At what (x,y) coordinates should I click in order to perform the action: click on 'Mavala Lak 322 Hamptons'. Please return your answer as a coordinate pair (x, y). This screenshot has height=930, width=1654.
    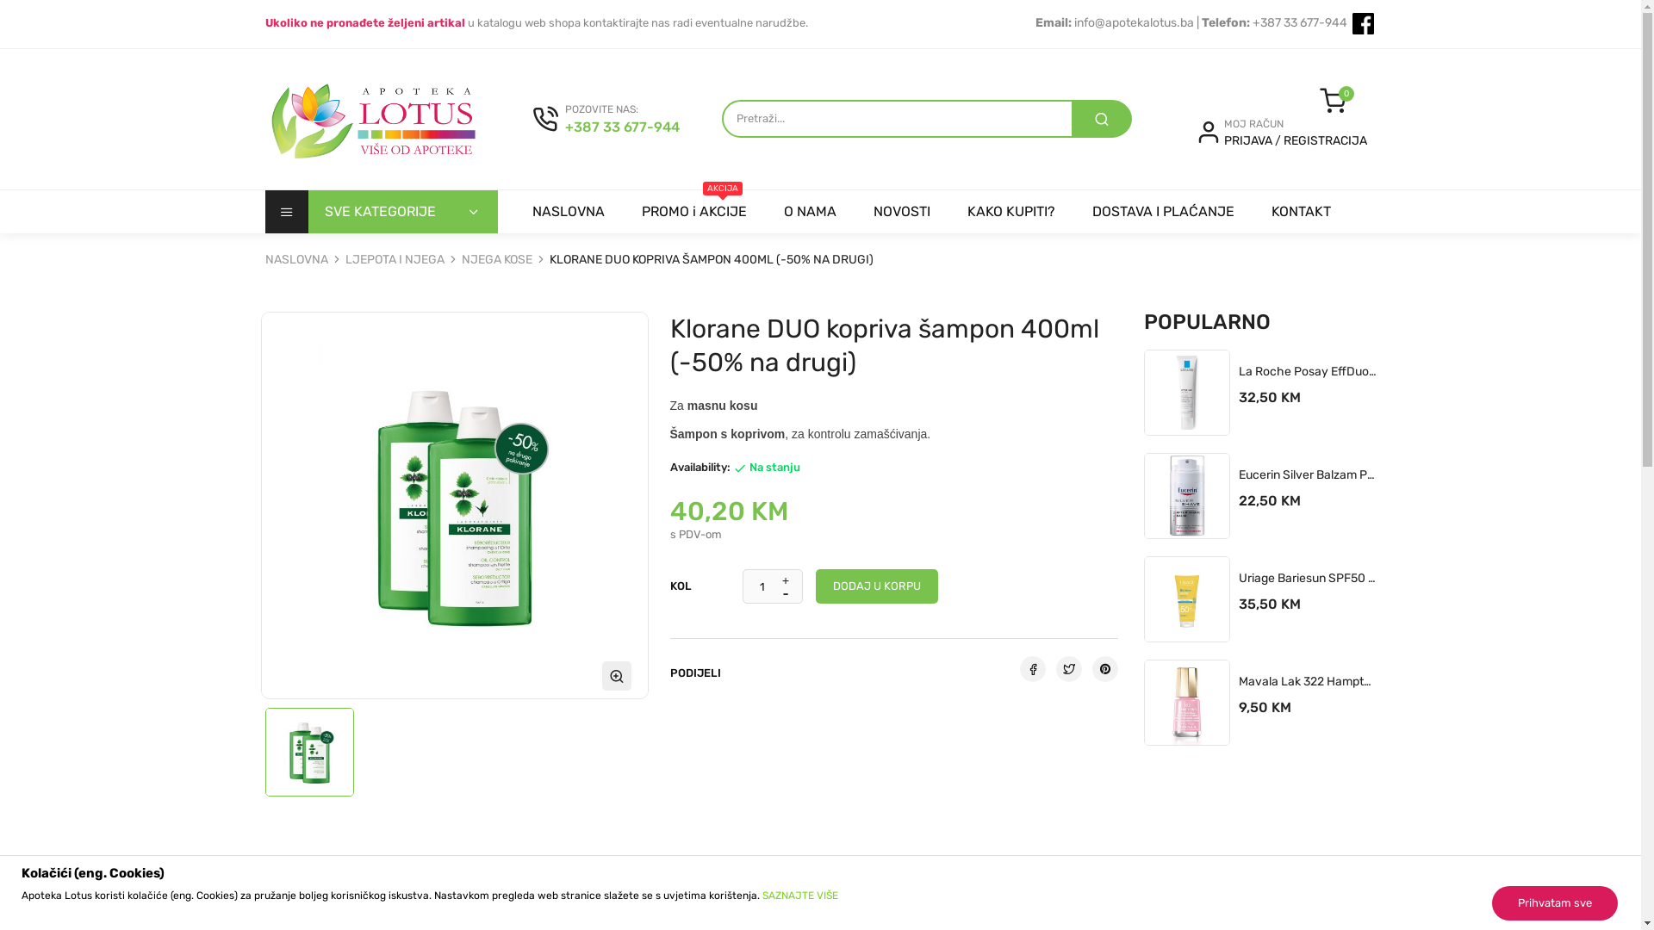
    Looking at the image, I should click on (1307, 682).